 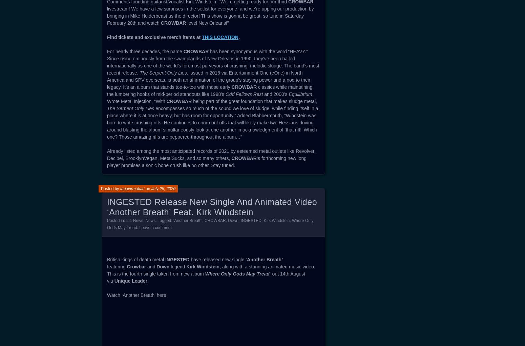 What do you see at coordinates (155, 228) in the screenshot?
I see `'Leave a comment'` at bounding box center [155, 228].